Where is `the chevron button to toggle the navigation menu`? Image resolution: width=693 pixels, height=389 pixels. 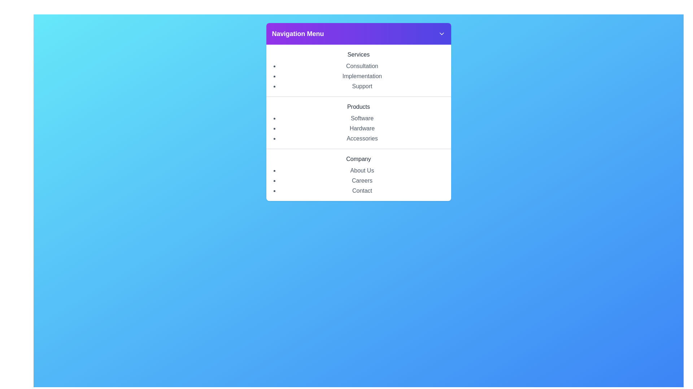 the chevron button to toggle the navigation menu is located at coordinates (441, 33).